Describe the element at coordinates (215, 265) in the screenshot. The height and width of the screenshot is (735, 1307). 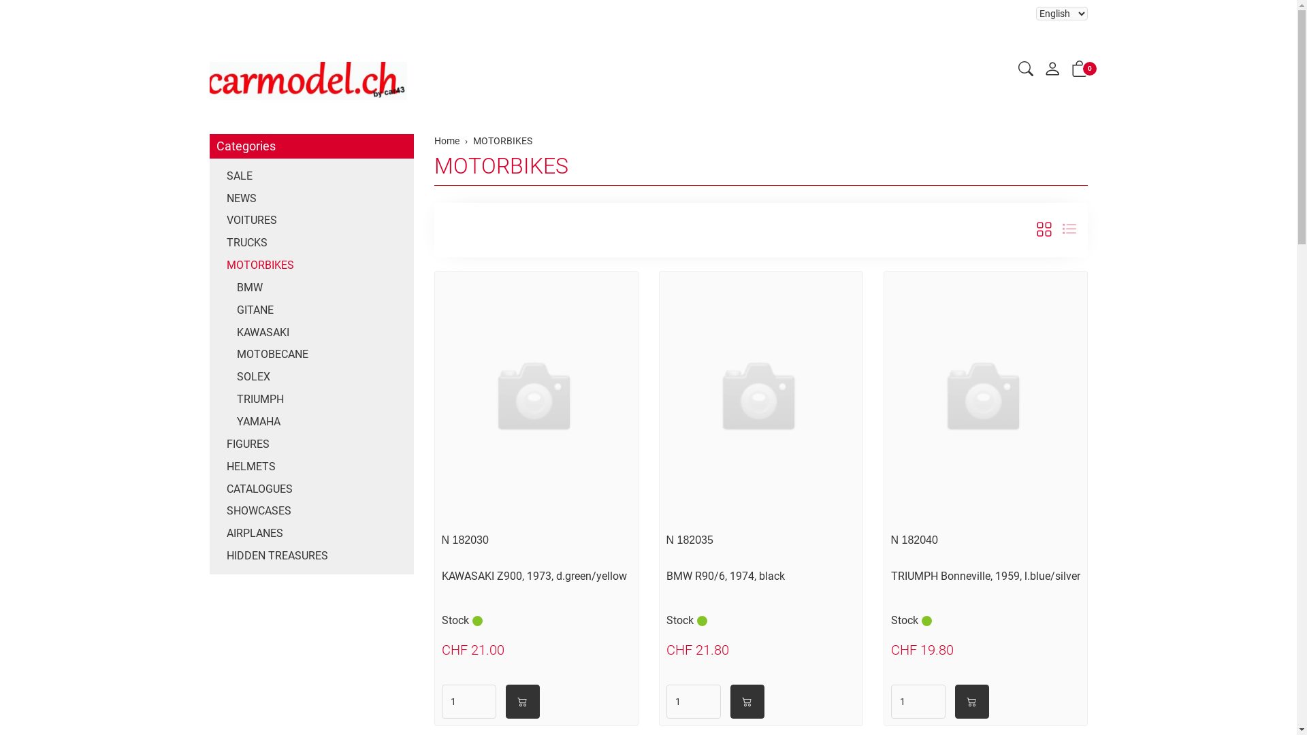
I see `'MOTORBIKES'` at that location.